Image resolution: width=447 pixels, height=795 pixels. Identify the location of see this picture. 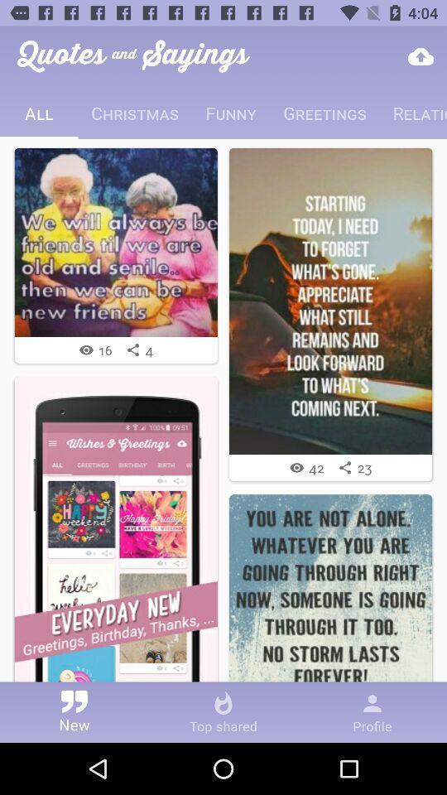
(115, 241).